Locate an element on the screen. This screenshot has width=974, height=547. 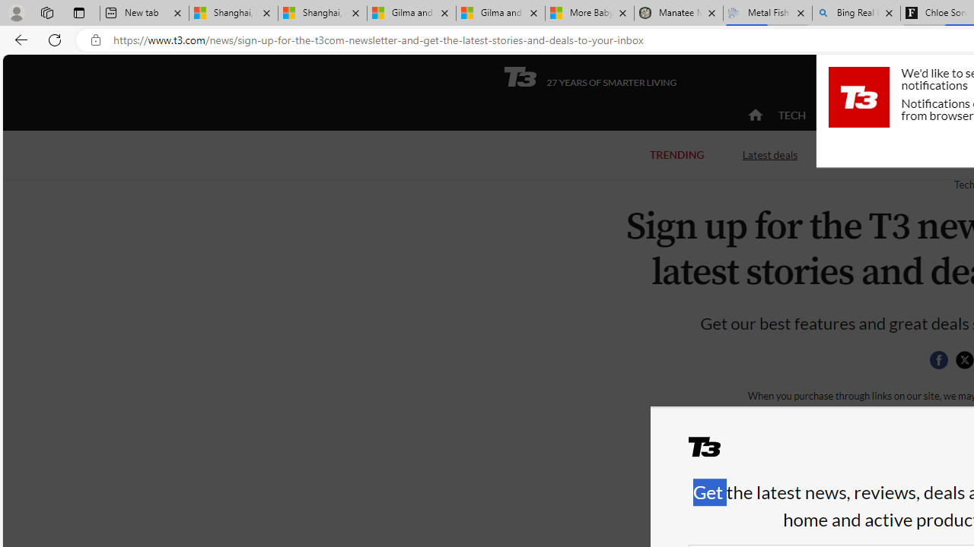
'Gilma and Hector both pose tropical trouble for Hawaii' is located at coordinates (500, 13).